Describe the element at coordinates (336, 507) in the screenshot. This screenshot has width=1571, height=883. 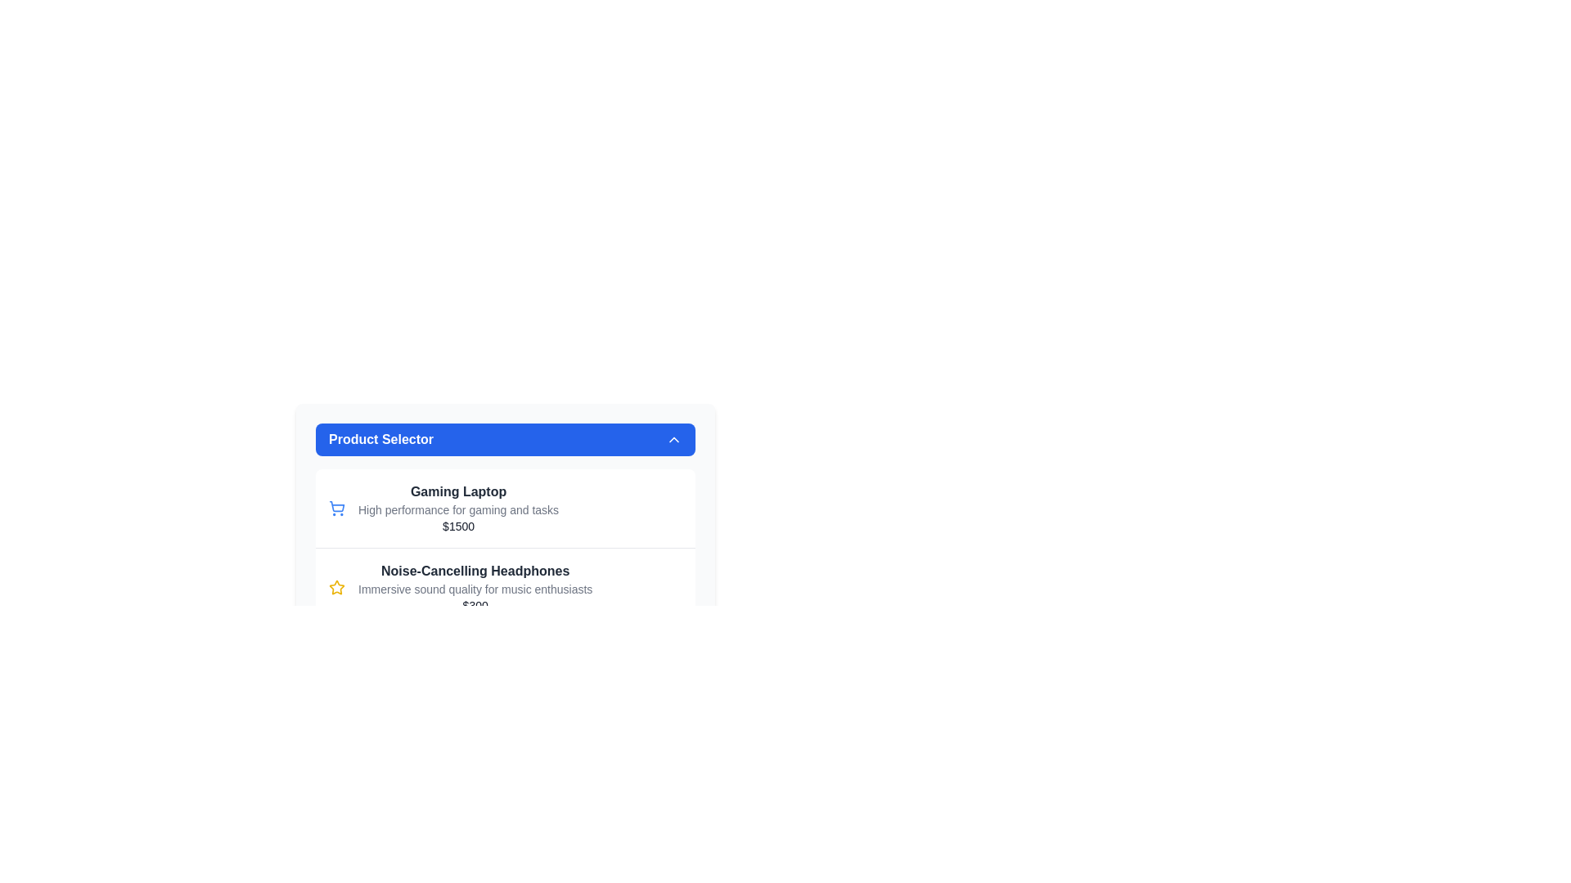
I see `the shopping cart icon located to the left of the 'Gaming Laptop' text, slightly above it` at that location.